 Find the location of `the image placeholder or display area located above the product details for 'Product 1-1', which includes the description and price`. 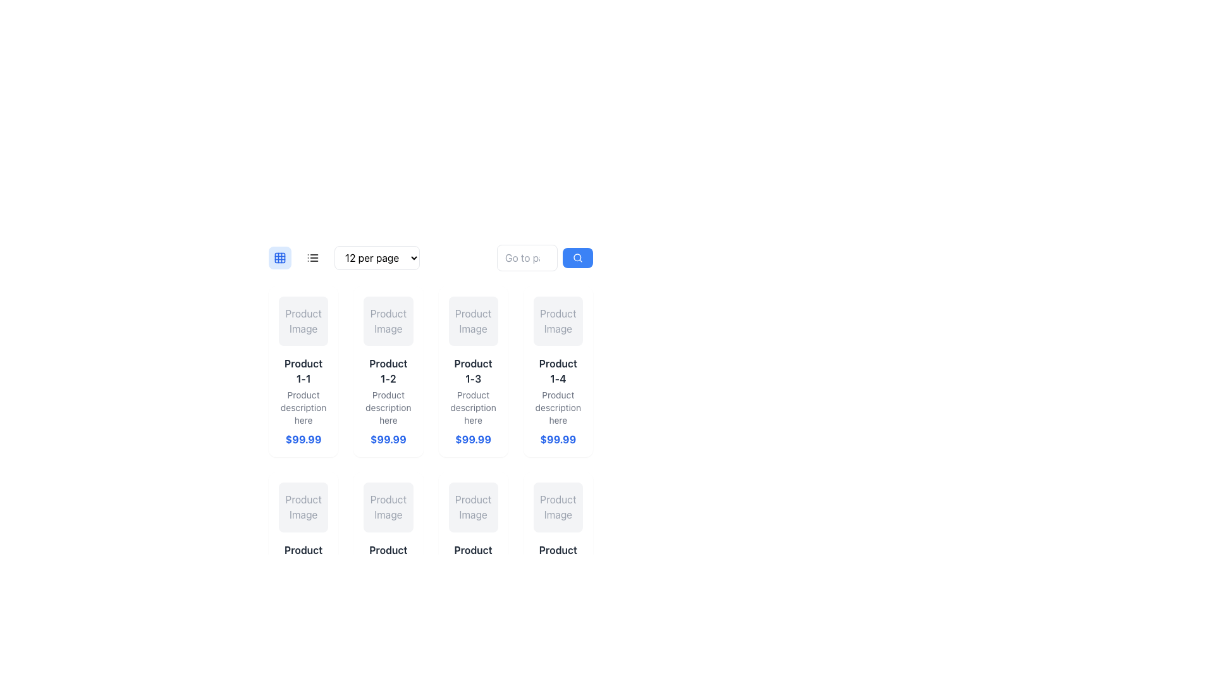

the image placeholder or display area located above the product details for 'Product 1-1', which includes the description and price is located at coordinates (303, 321).